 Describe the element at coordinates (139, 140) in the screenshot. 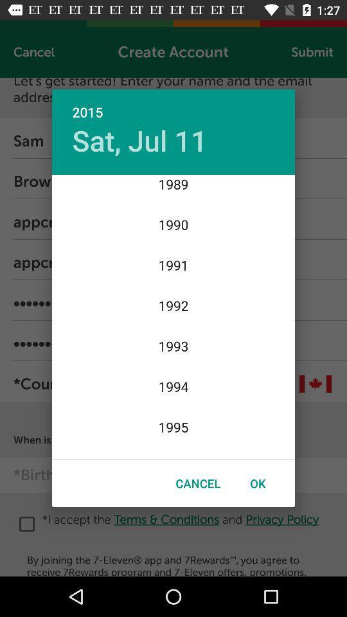

I see `icon above the 1989 icon` at that location.